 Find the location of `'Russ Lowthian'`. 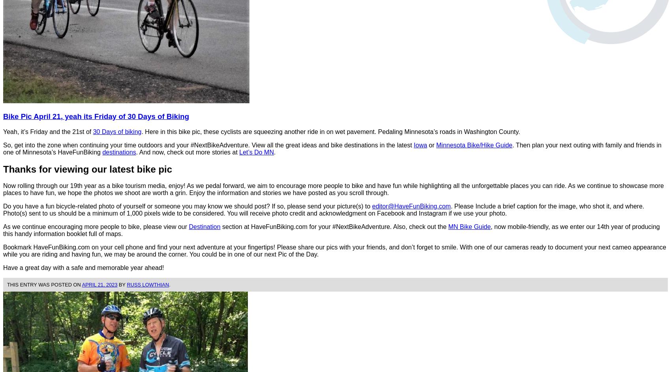

'Russ Lowthian' is located at coordinates (147, 285).